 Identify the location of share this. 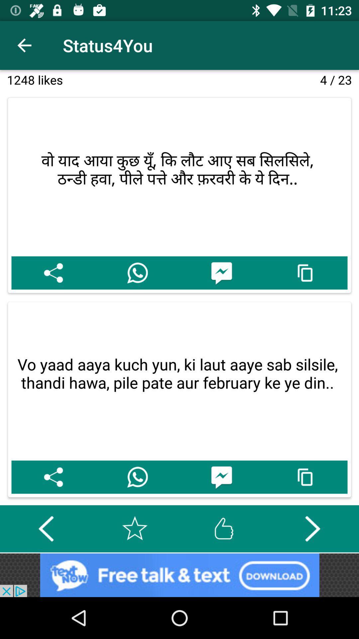
(53, 273).